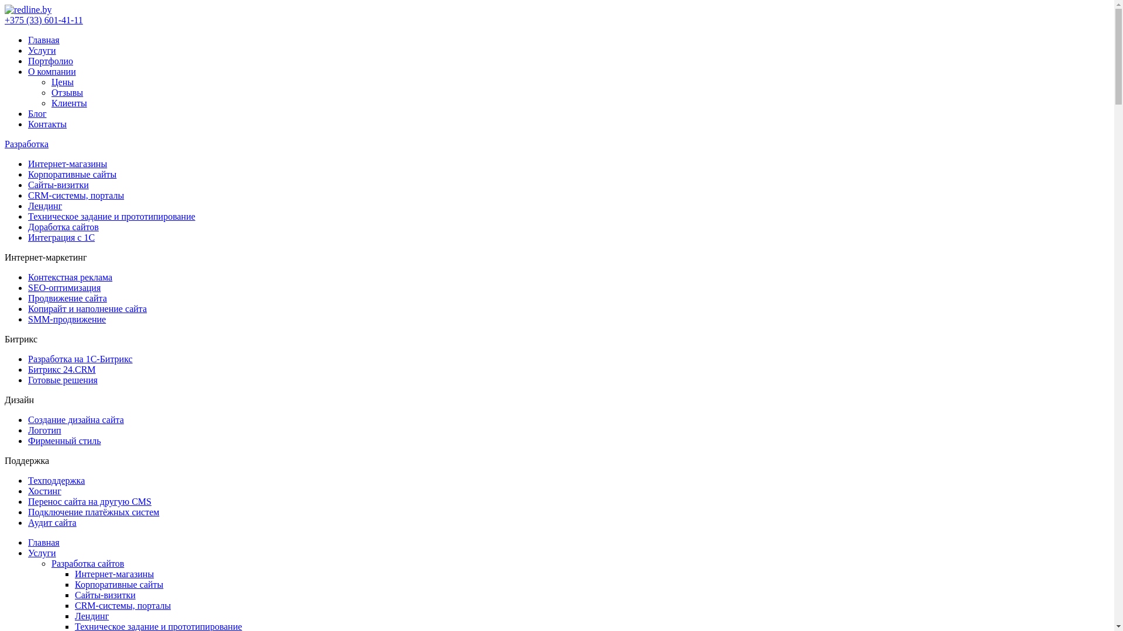 The image size is (1123, 631). I want to click on '+375 (33) 601-41-11', so click(44, 20).